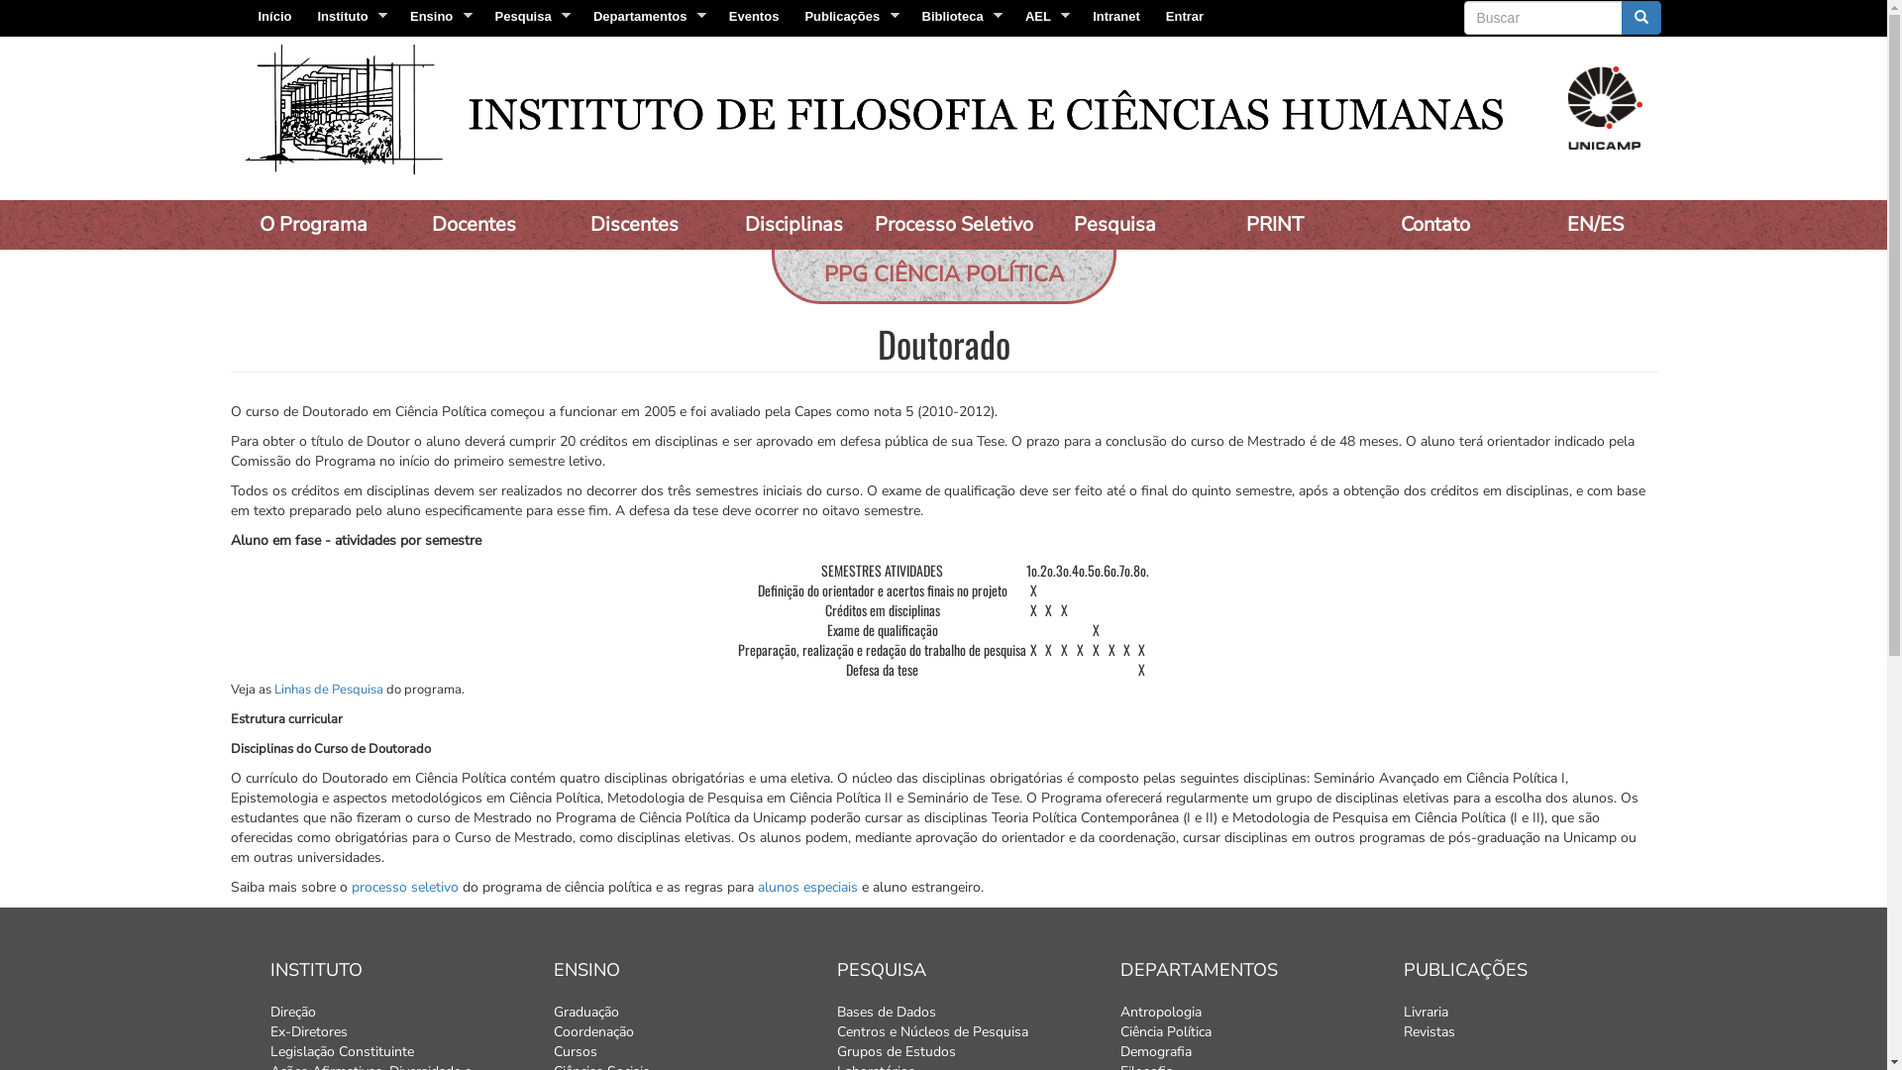  What do you see at coordinates (229, 224) in the screenshot?
I see `'O Programa'` at bounding box center [229, 224].